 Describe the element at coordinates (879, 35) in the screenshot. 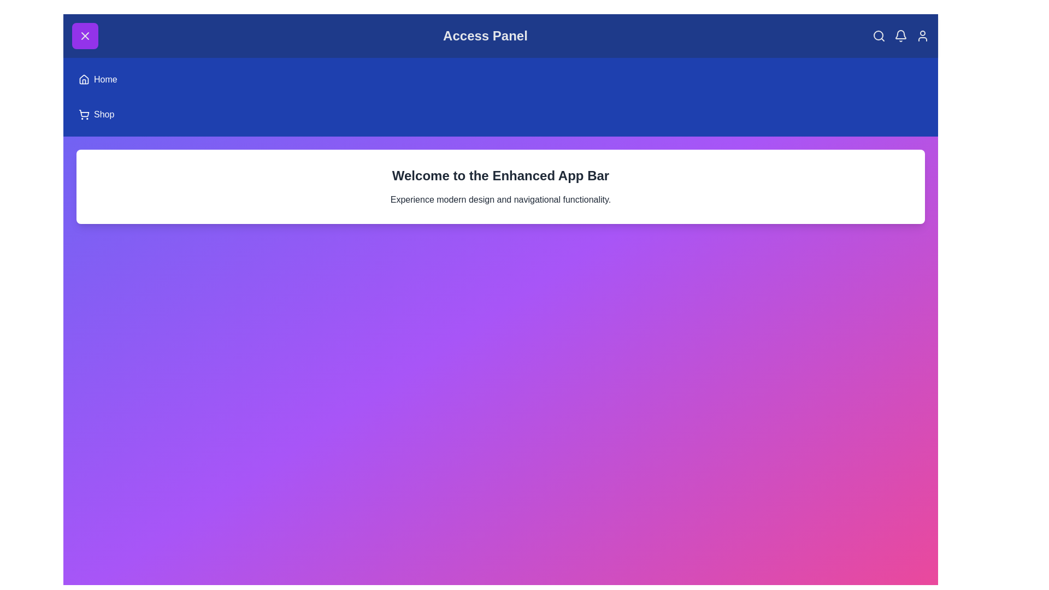

I see `the 'Search' icon in the header` at that location.